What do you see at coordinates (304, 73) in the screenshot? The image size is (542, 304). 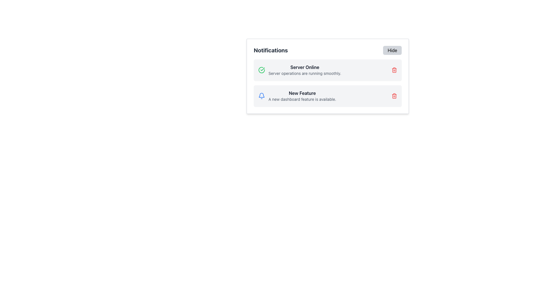 I see `the descriptive text element located beneath the title 'Server Online' within the first notification card` at bounding box center [304, 73].